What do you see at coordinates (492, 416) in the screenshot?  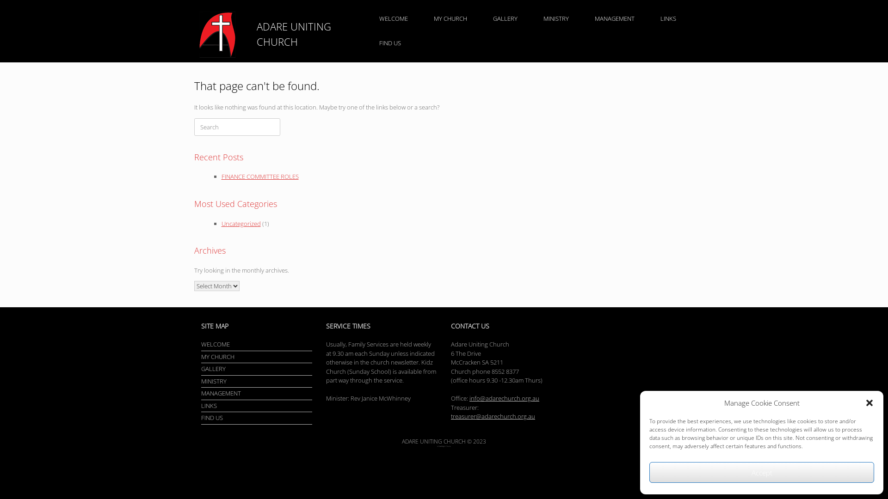 I see `'treasurer@adarechurch.org.au'` at bounding box center [492, 416].